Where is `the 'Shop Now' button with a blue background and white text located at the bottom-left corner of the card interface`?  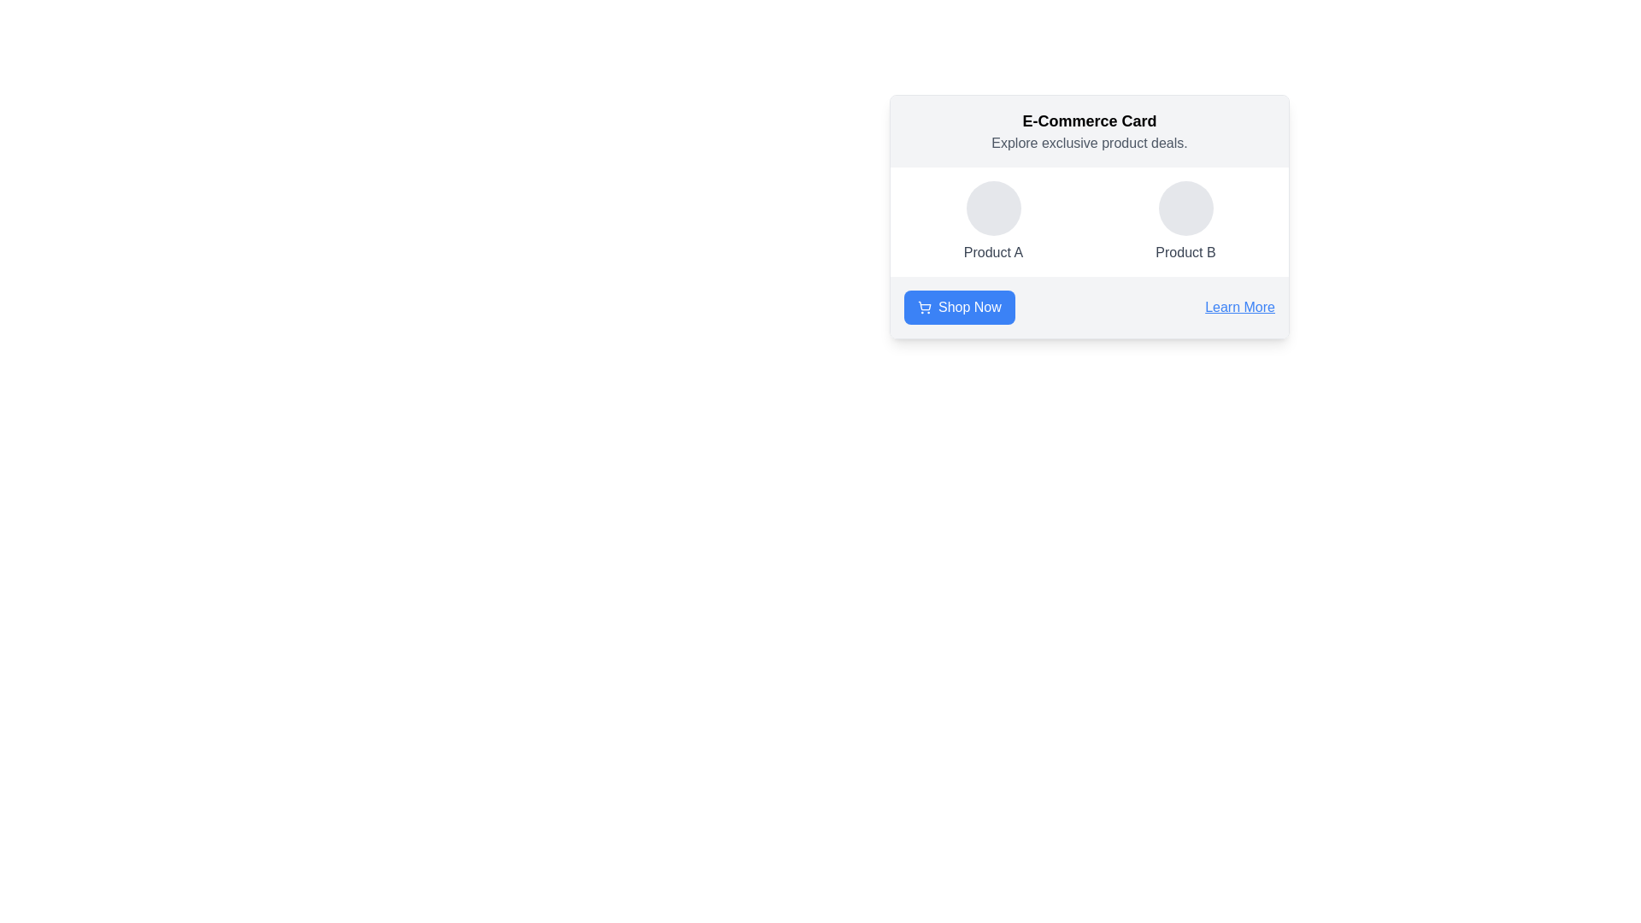
the 'Shop Now' button with a blue background and white text located at the bottom-left corner of the card interface is located at coordinates (969, 306).